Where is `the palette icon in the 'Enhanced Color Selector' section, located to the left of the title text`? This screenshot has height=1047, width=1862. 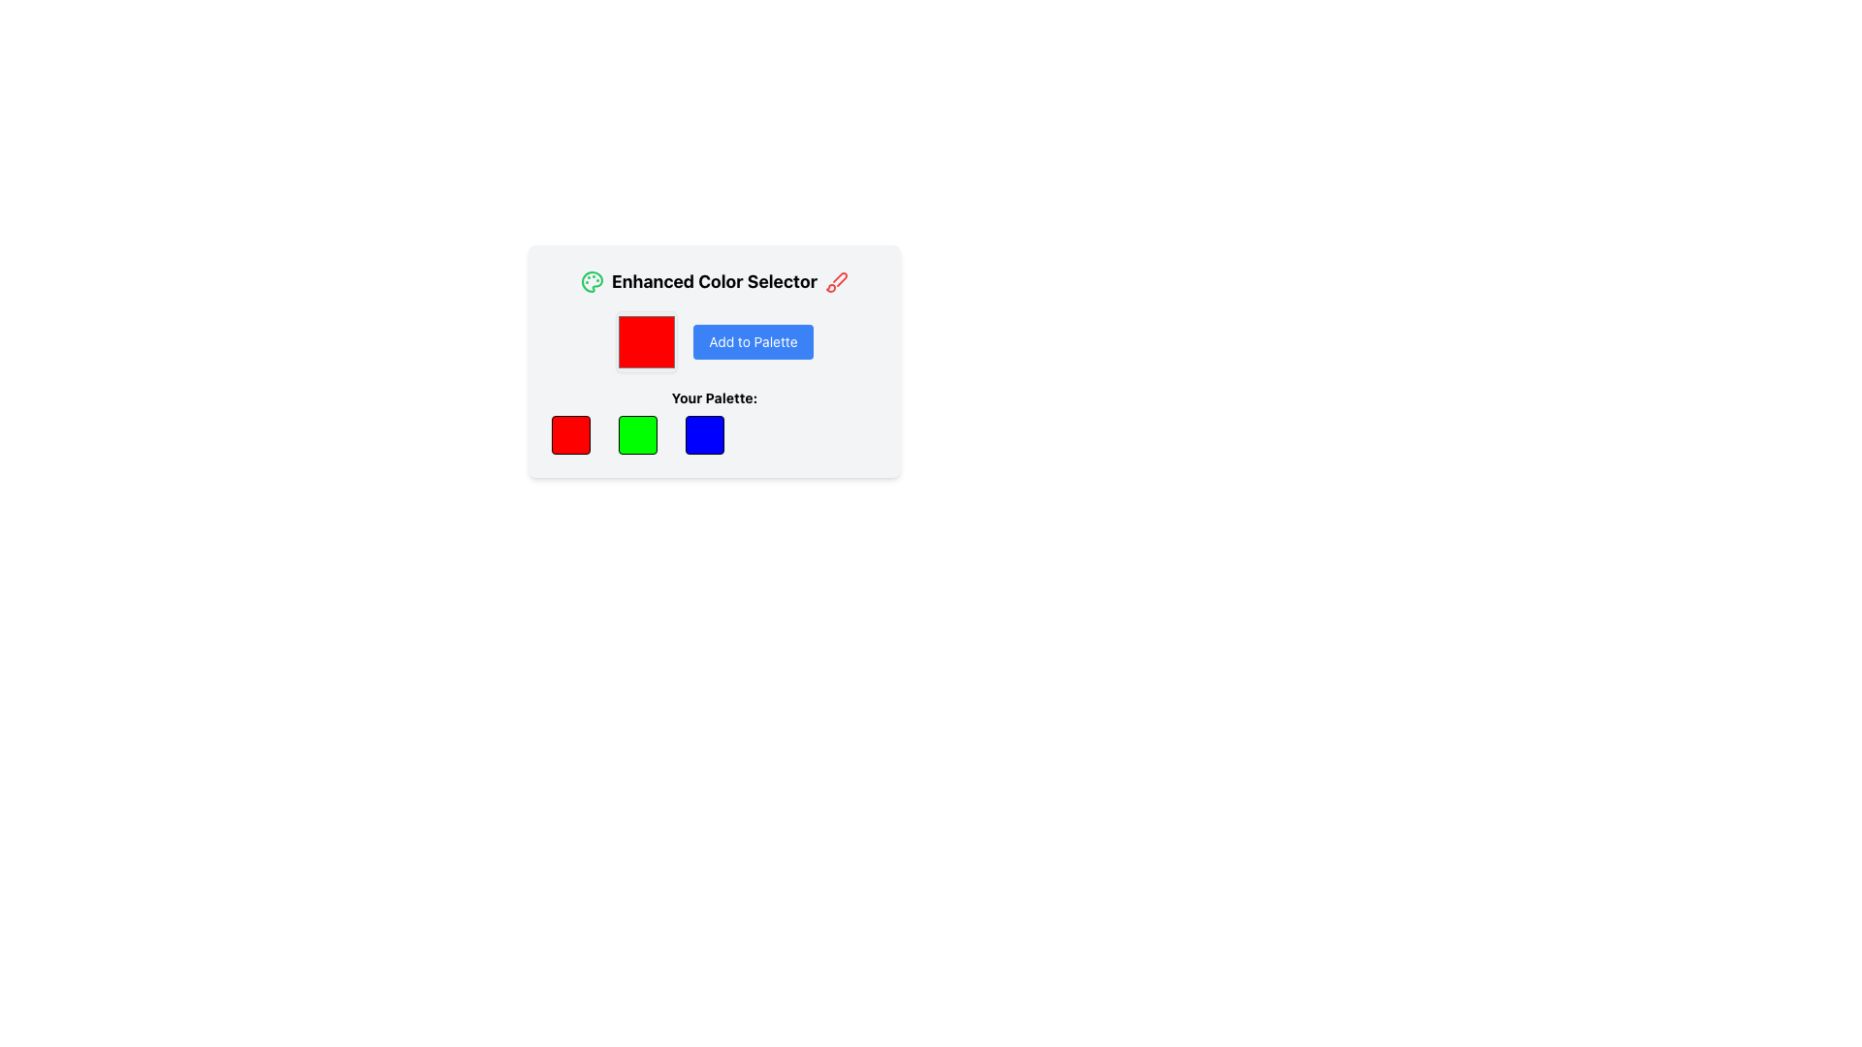
the palette icon in the 'Enhanced Color Selector' section, located to the left of the title text is located at coordinates (591, 281).